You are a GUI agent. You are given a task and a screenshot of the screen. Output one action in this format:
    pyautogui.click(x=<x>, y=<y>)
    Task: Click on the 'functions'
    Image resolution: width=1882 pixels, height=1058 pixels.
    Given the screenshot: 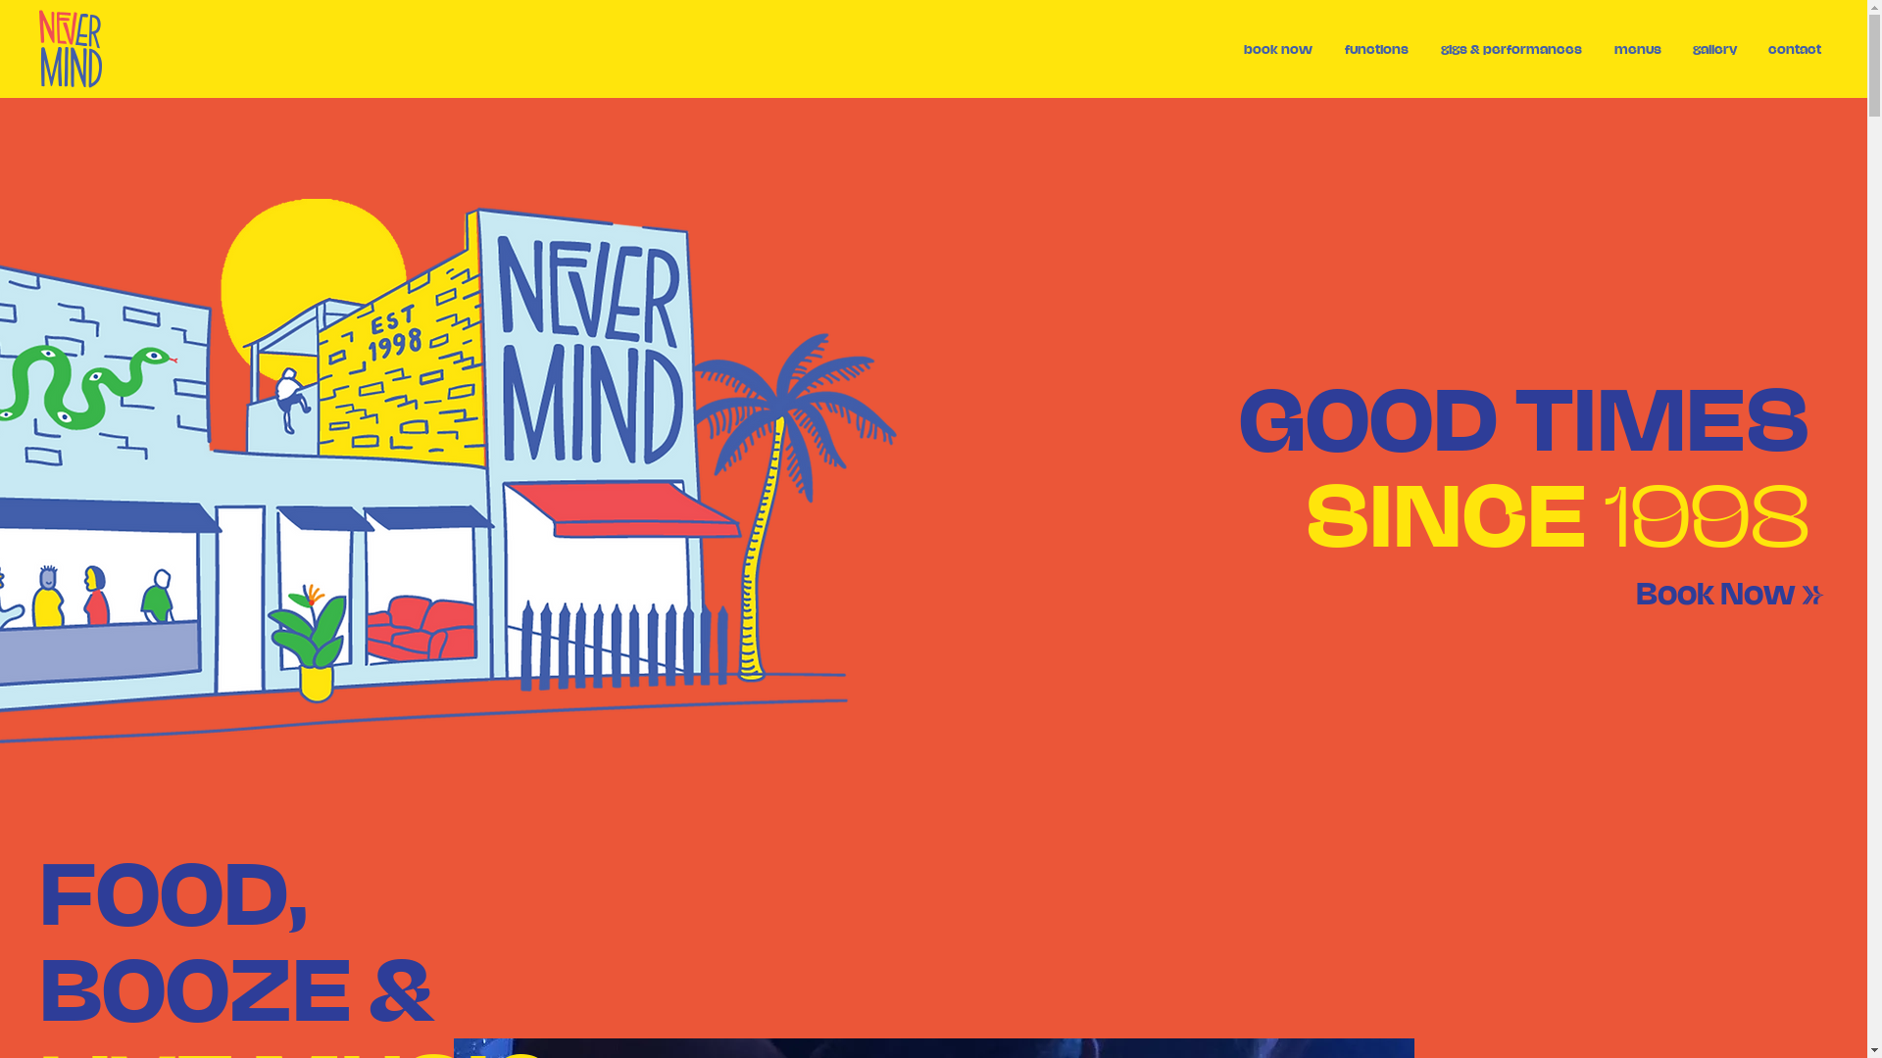 What is the action you would take?
    pyautogui.click(x=1374, y=47)
    